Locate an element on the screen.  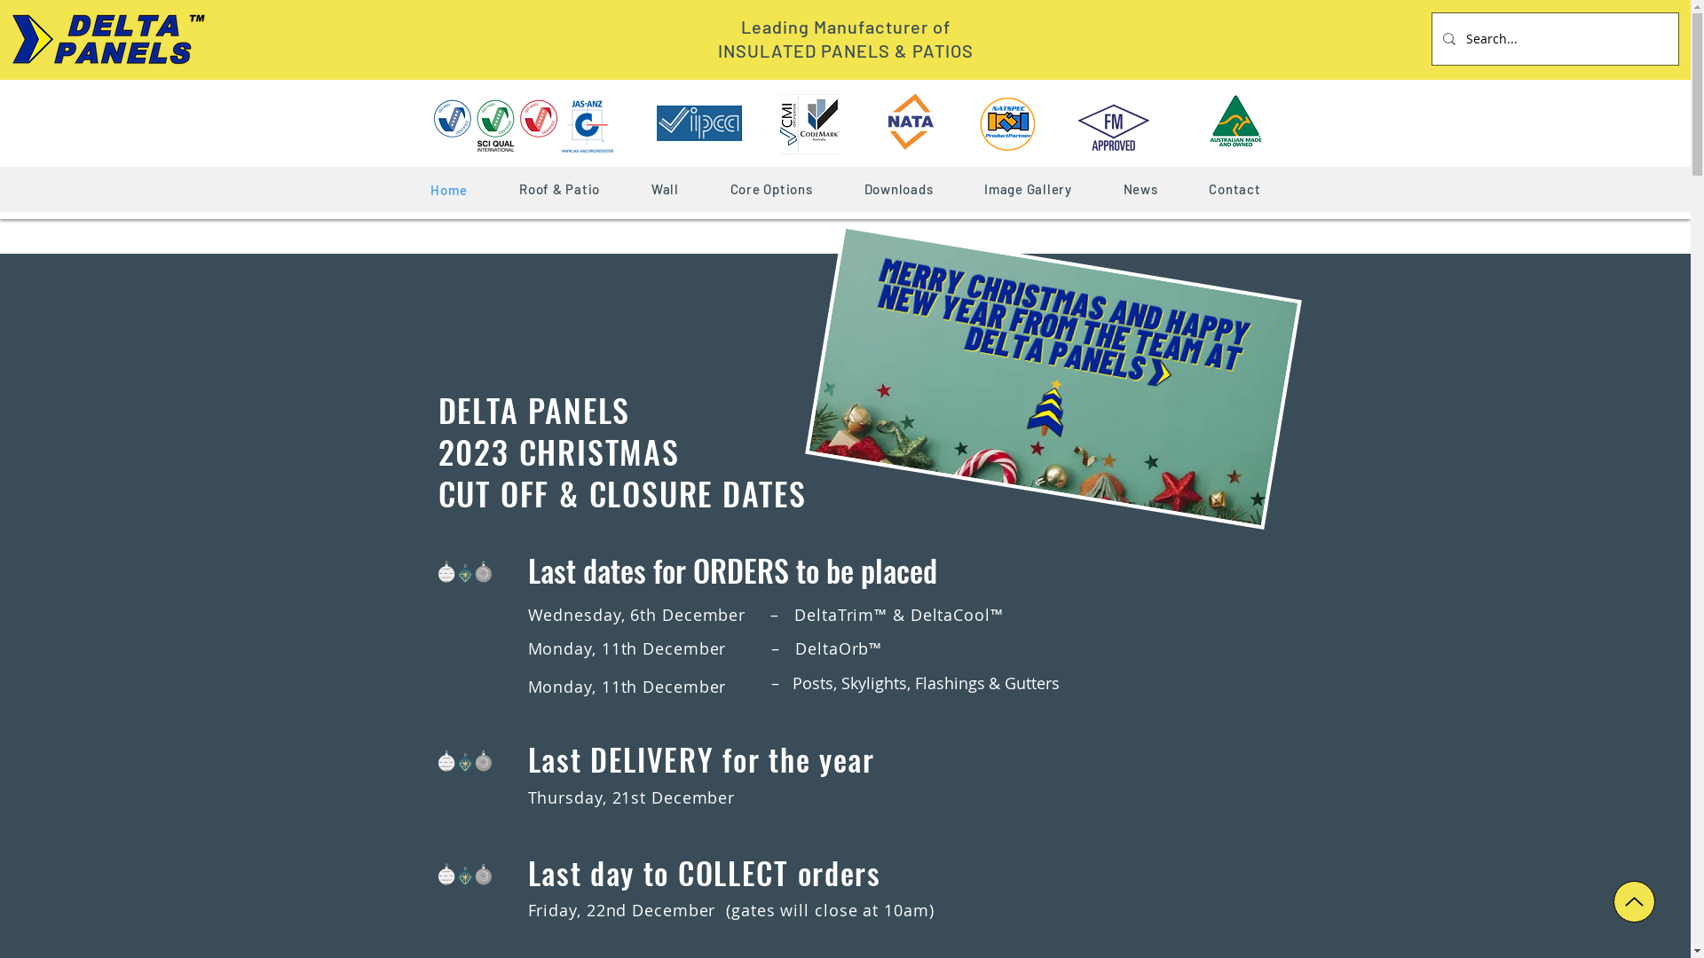
'Image Gallery' is located at coordinates (1028, 188).